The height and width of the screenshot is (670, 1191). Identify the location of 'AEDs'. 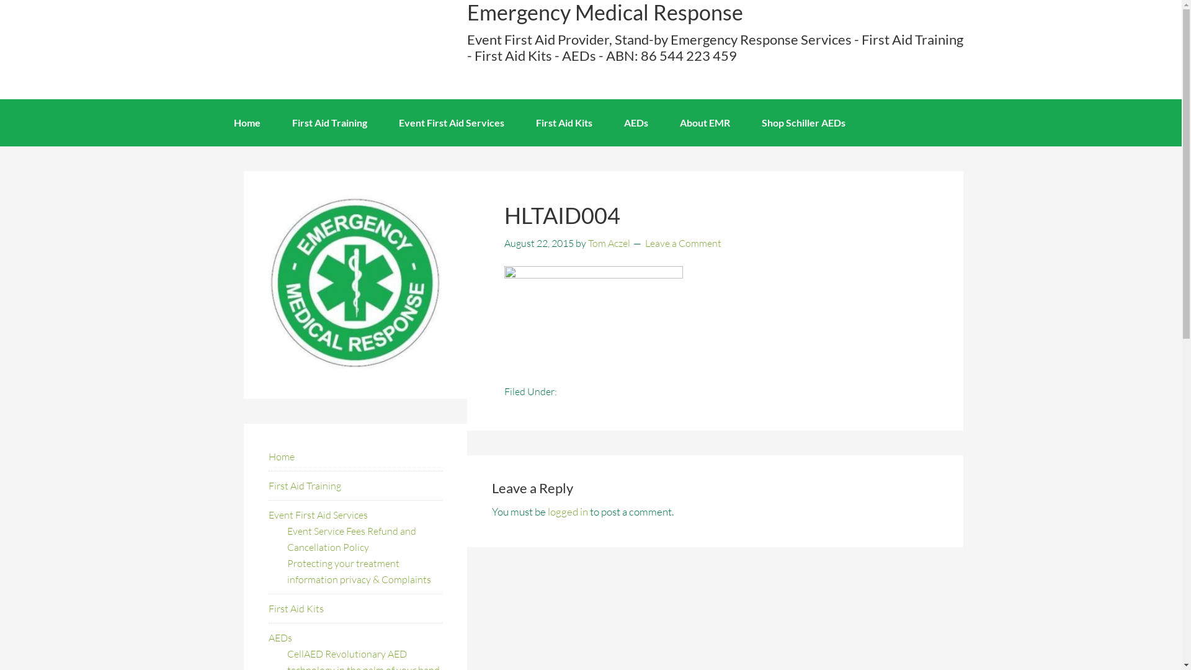
(279, 638).